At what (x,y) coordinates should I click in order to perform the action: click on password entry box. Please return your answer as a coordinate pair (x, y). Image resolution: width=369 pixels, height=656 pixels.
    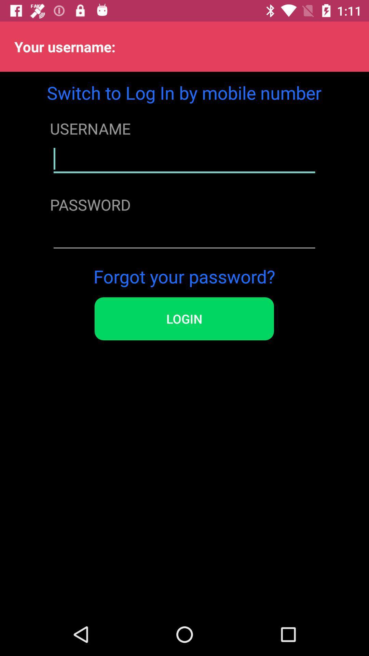
    Looking at the image, I should click on (184, 235).